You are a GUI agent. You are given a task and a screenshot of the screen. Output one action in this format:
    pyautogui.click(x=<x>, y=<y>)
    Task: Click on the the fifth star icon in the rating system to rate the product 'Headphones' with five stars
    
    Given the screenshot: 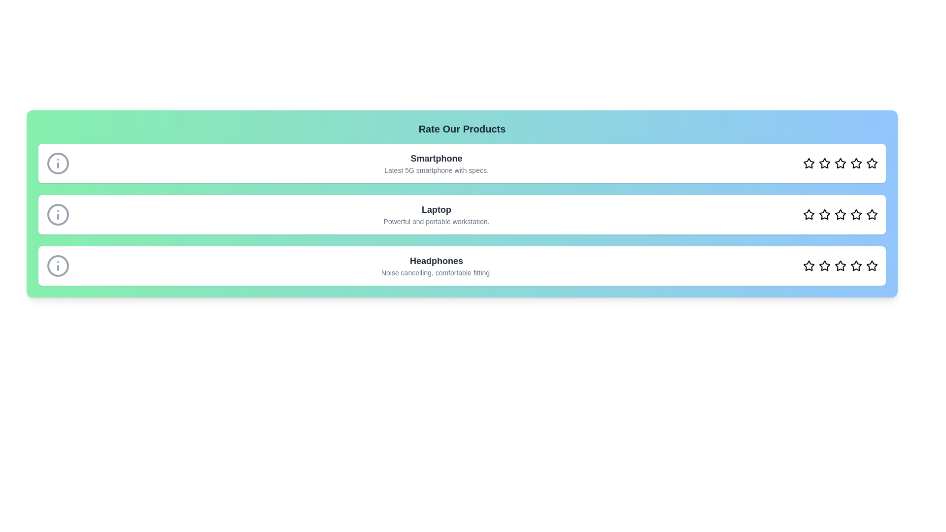 What is the action you would take?
    pyautogui.click(x=872, y=265)
    